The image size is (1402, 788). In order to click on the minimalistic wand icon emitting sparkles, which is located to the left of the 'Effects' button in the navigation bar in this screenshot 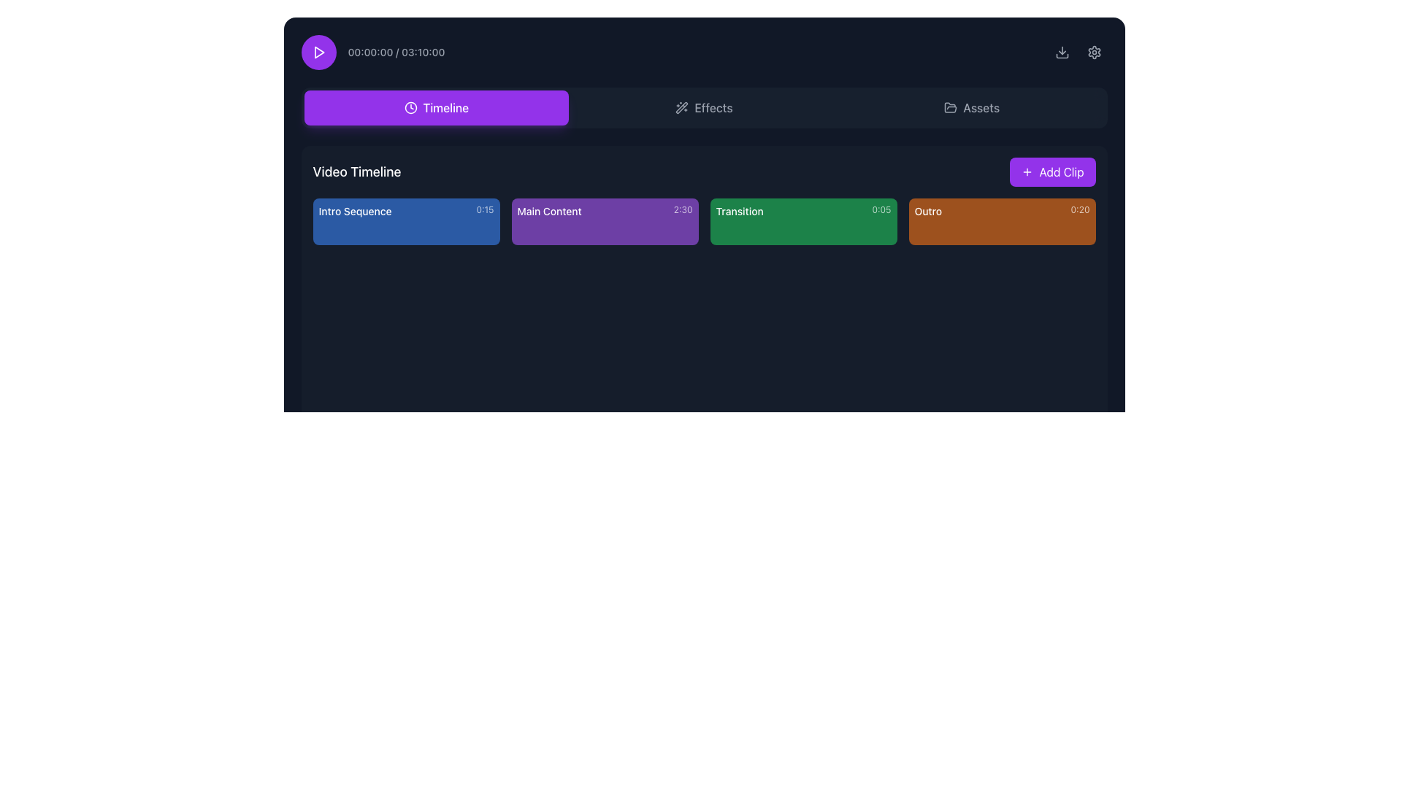, I will do `click(681, 107)`.